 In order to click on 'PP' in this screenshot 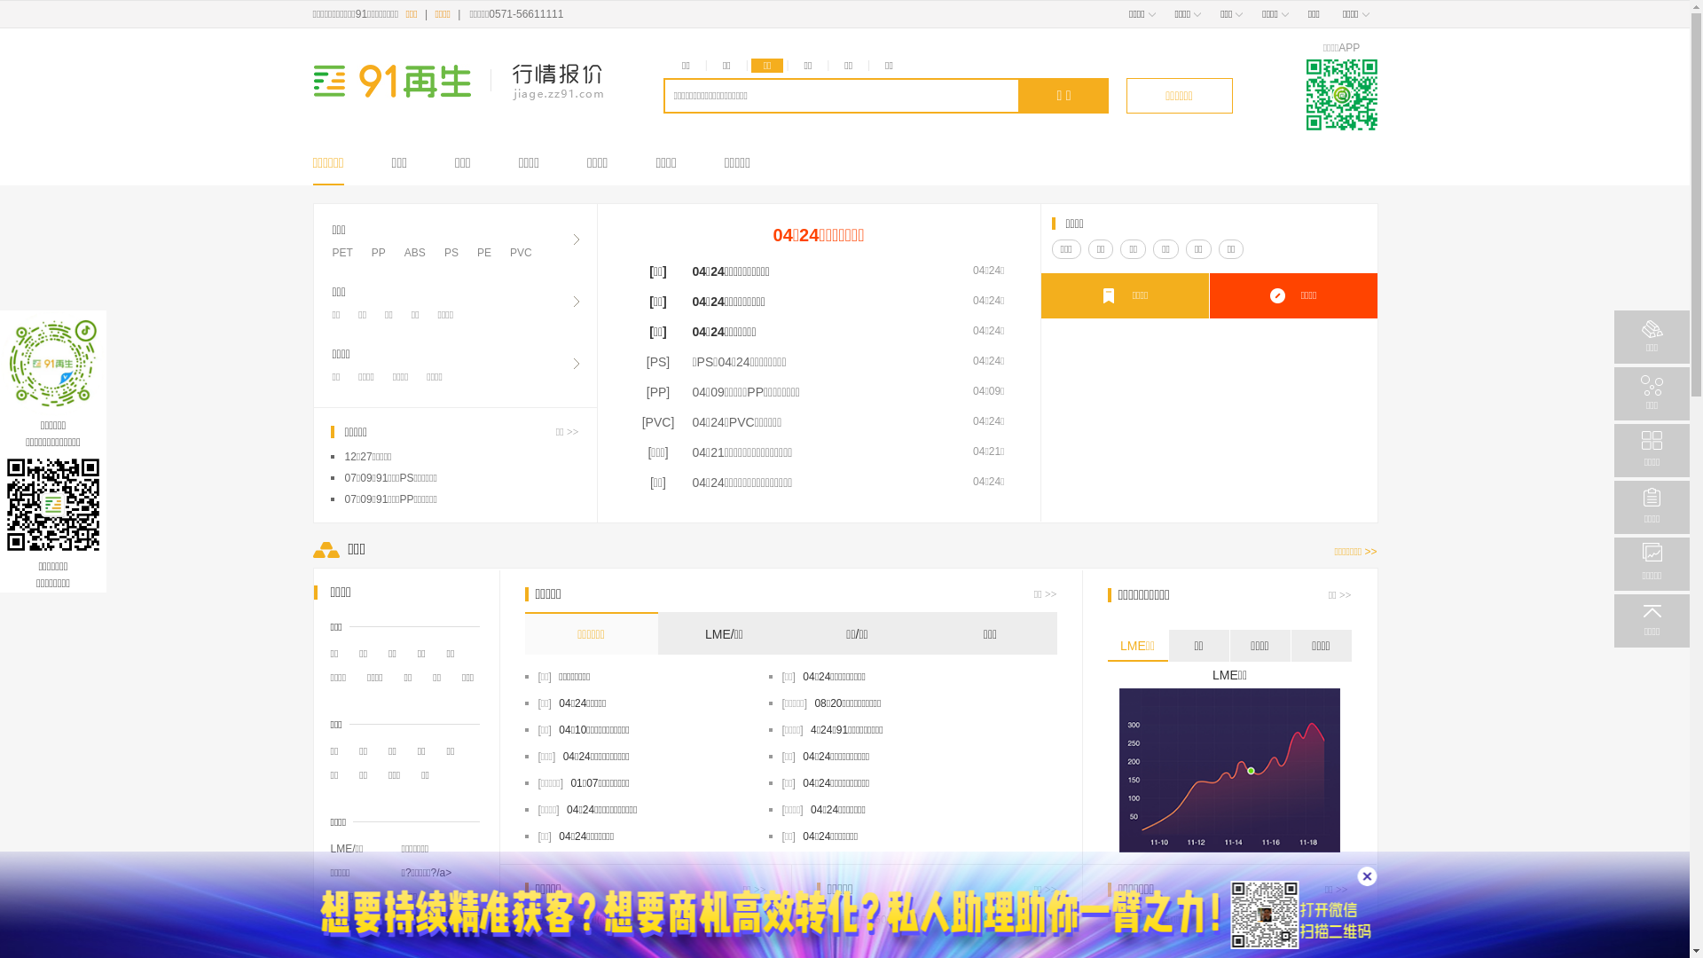, I will do `click(378, 253)`.